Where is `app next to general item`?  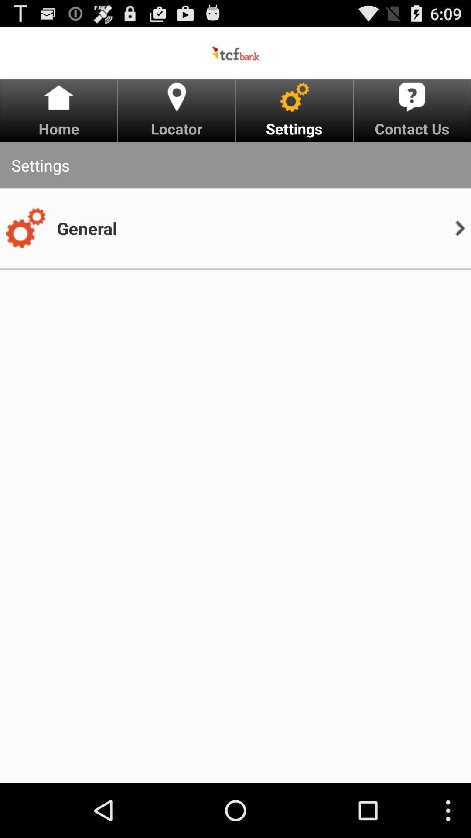
app next to general item is located at coordinates (460, 228).